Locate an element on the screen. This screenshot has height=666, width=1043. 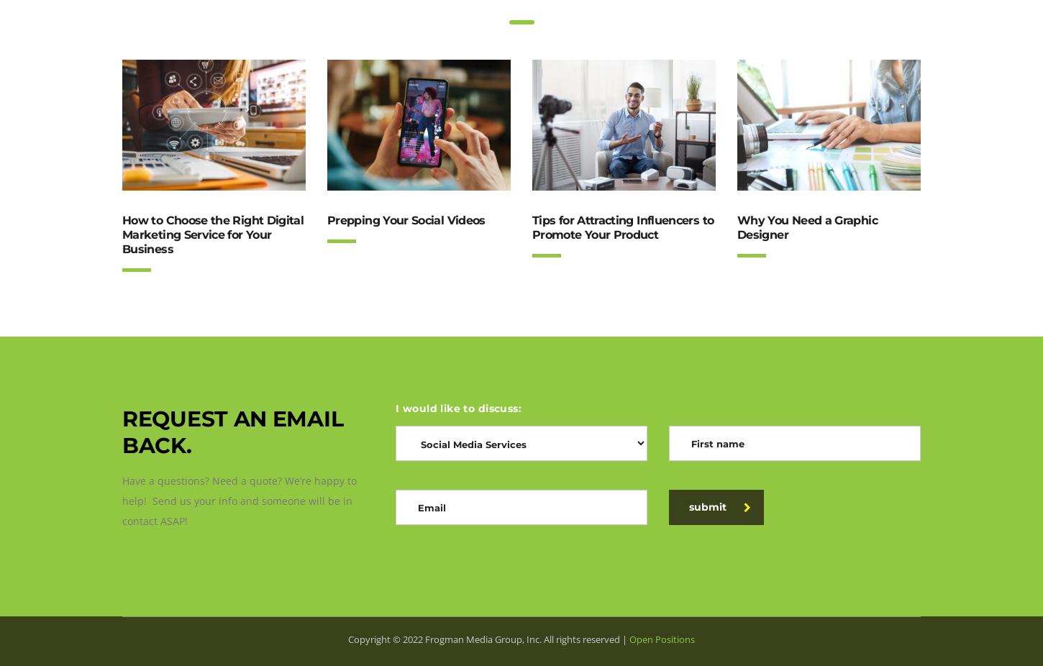
'Copyright © 2022 Frogman Media Group, Inc. All rights reserved |' is located at coordinates (488, 639).